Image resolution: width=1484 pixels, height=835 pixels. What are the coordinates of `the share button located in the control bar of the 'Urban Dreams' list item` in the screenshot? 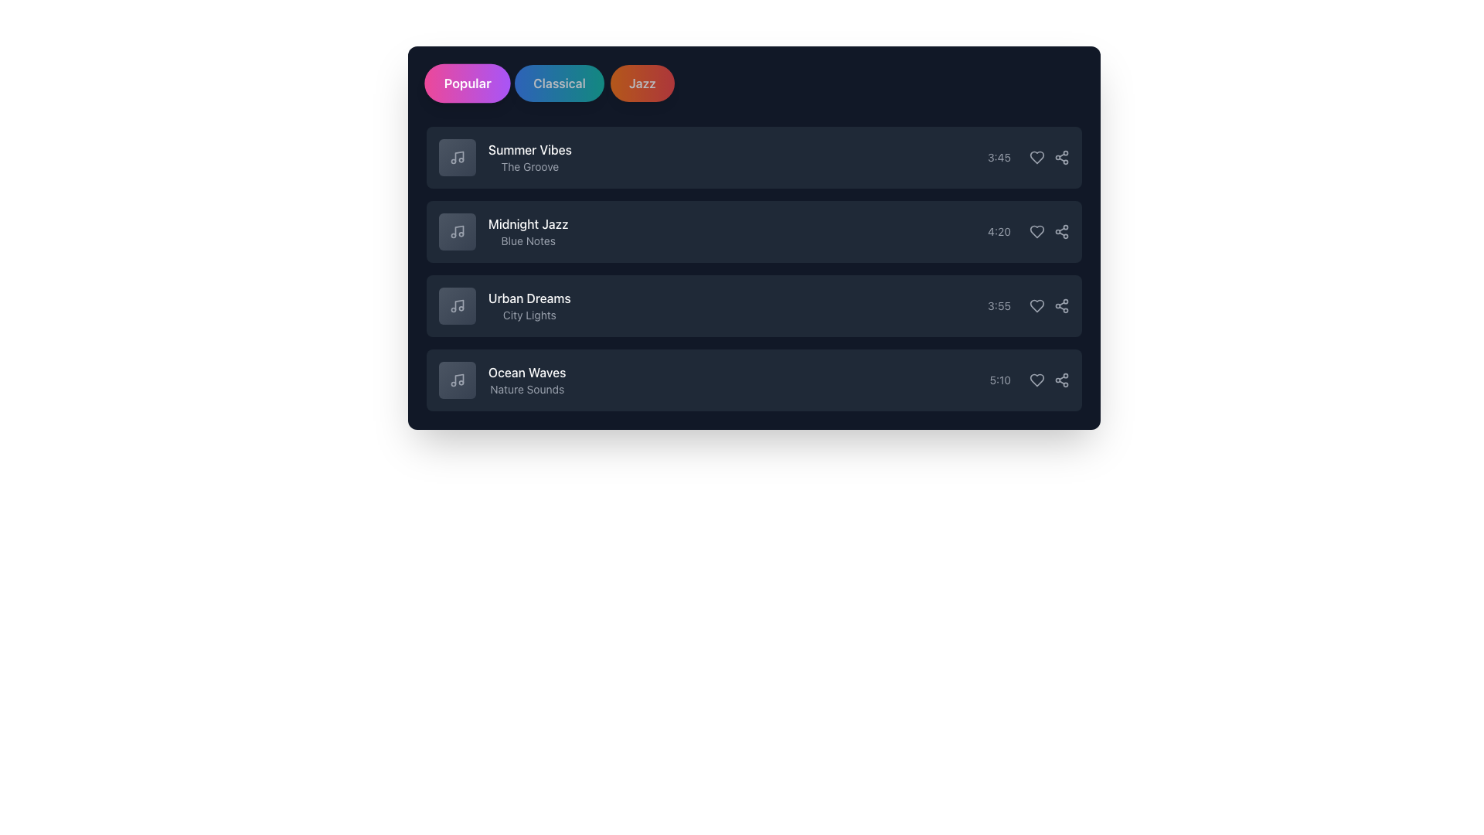 It's located at (1060, 306).